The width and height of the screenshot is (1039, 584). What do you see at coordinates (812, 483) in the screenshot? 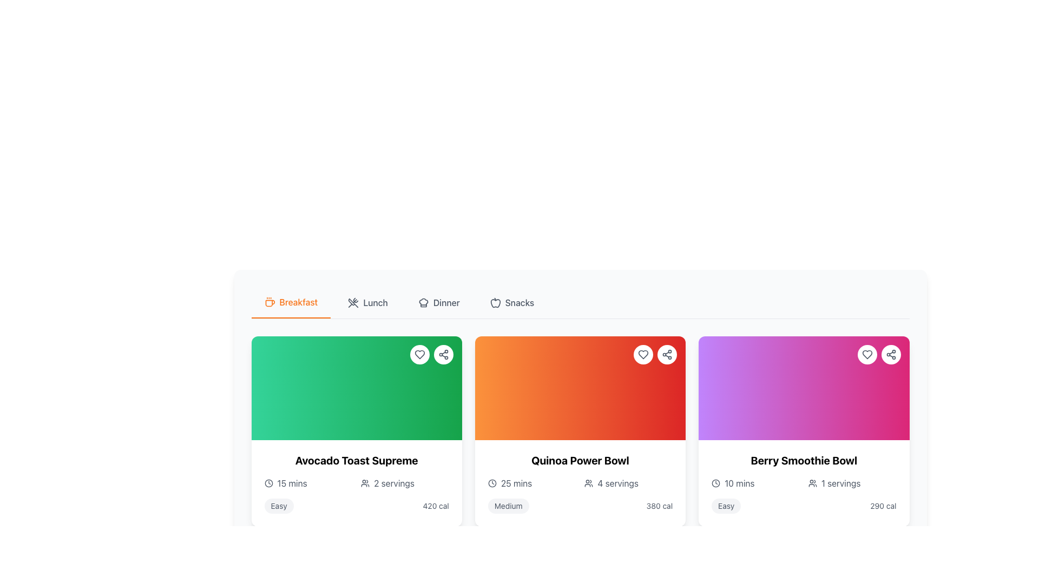
I see `the servings icon indicating '1 servings' for the Berry Smoothie Bowl, located in the lower section of the card` at bounding box center [812, 483].